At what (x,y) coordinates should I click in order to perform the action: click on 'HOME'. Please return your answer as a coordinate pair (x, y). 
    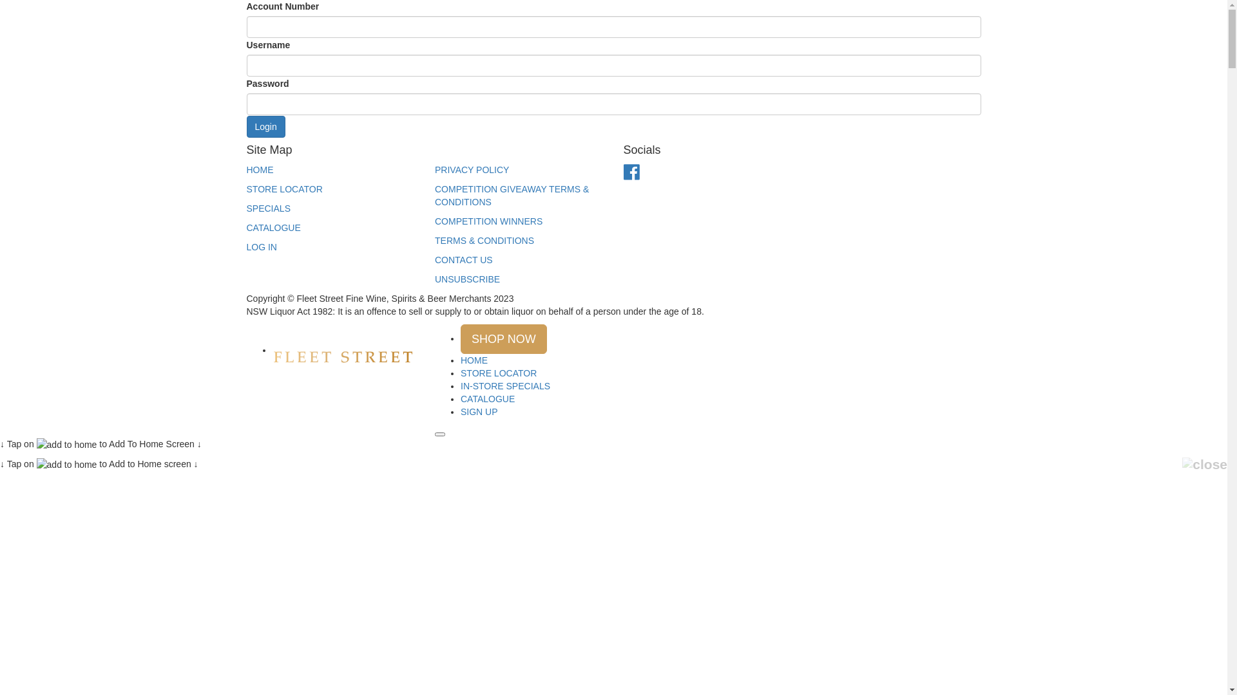
    Looking at the image, I should click on (473, 360).